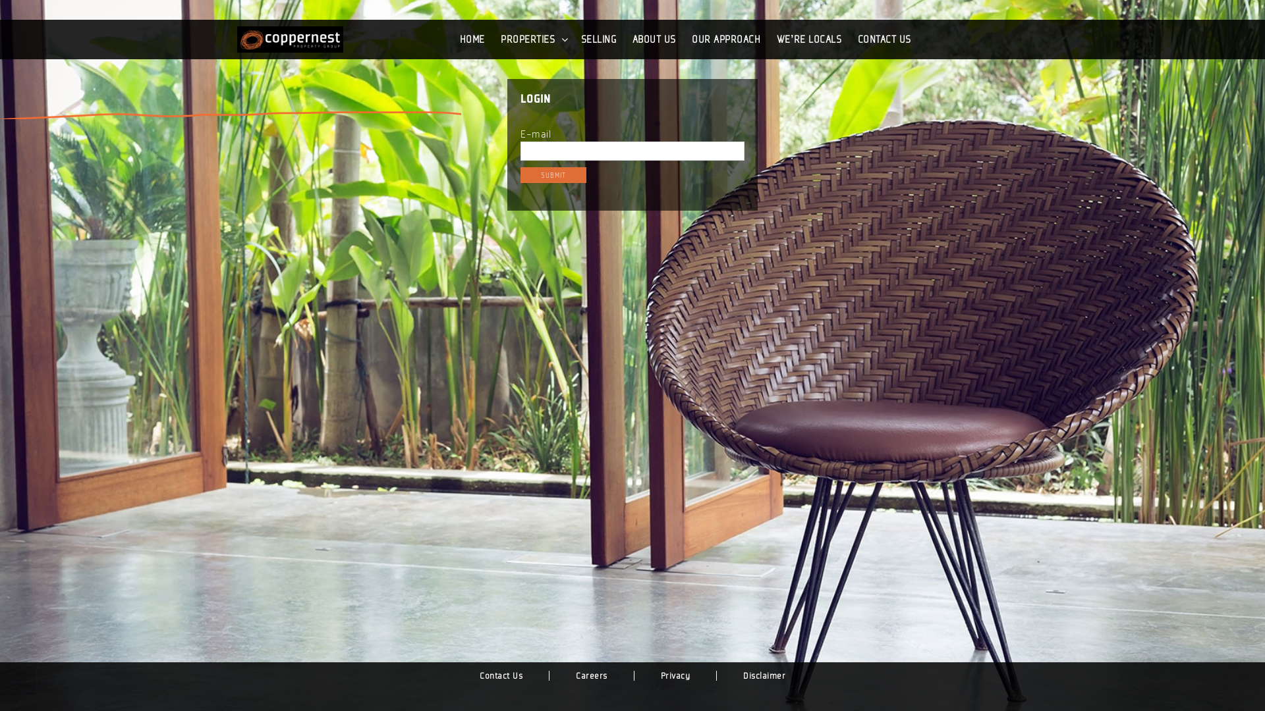  I want to click on 'PROPERTIES', so click(493, 39).